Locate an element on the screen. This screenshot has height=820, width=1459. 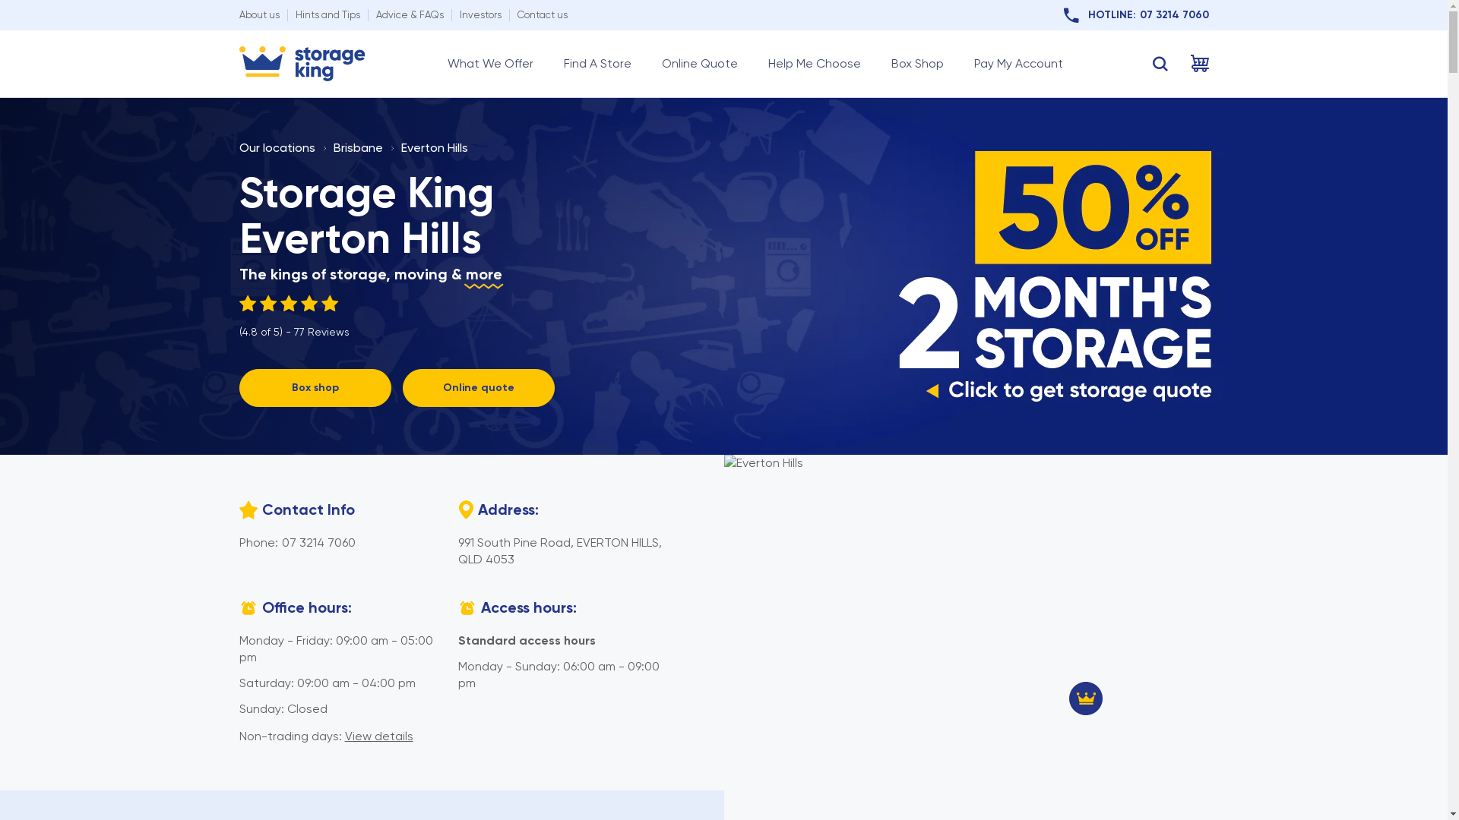
'Box Shop' is located at coordinates (890, 63).